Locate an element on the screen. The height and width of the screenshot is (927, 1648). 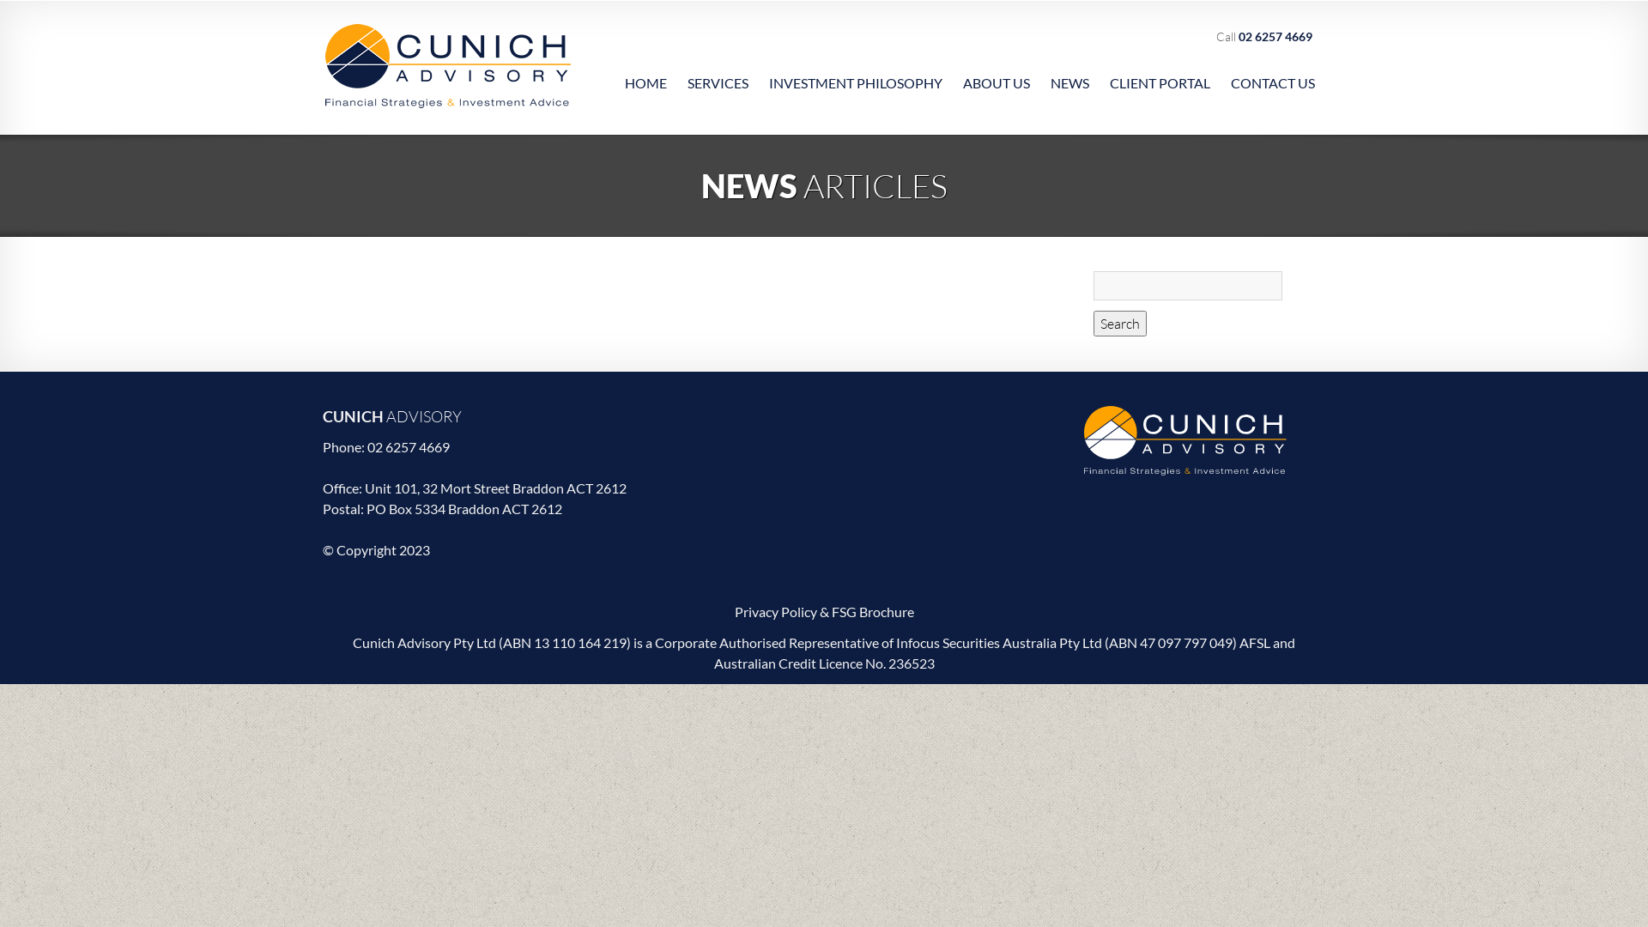
'HOME' is located at coordinates (645, 70).